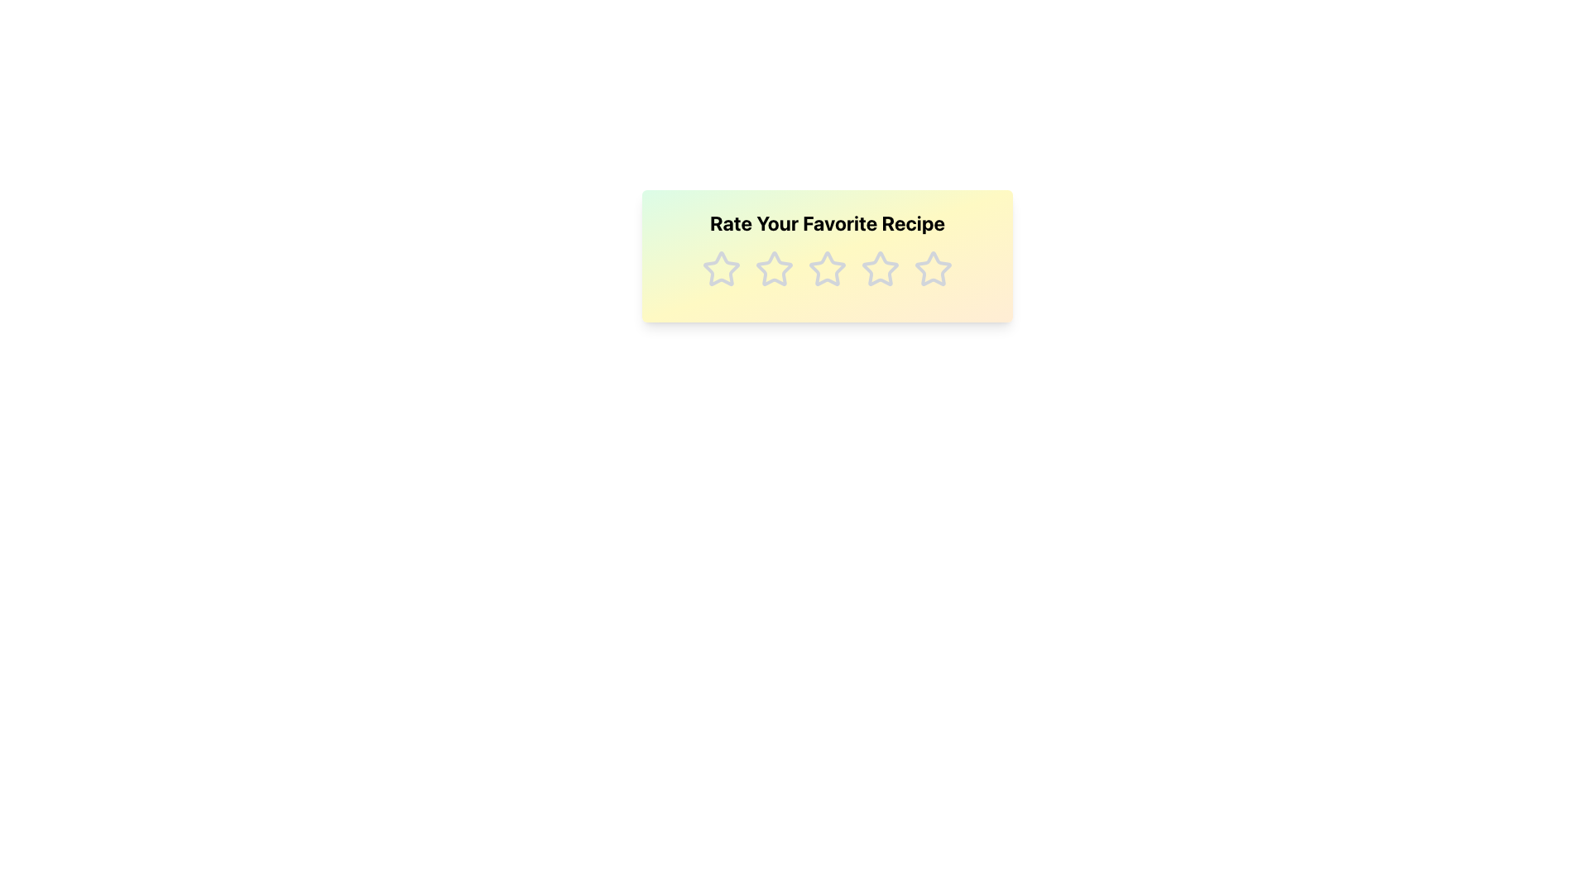 The width and height of the screenshot is (1589, 893). What do you see at coordinates (826, 267) in the screenshot?
I see `on the third star icon in the rating component below the title 'Rate Your Favorite Recipe'` at bounding box center [826, 267].